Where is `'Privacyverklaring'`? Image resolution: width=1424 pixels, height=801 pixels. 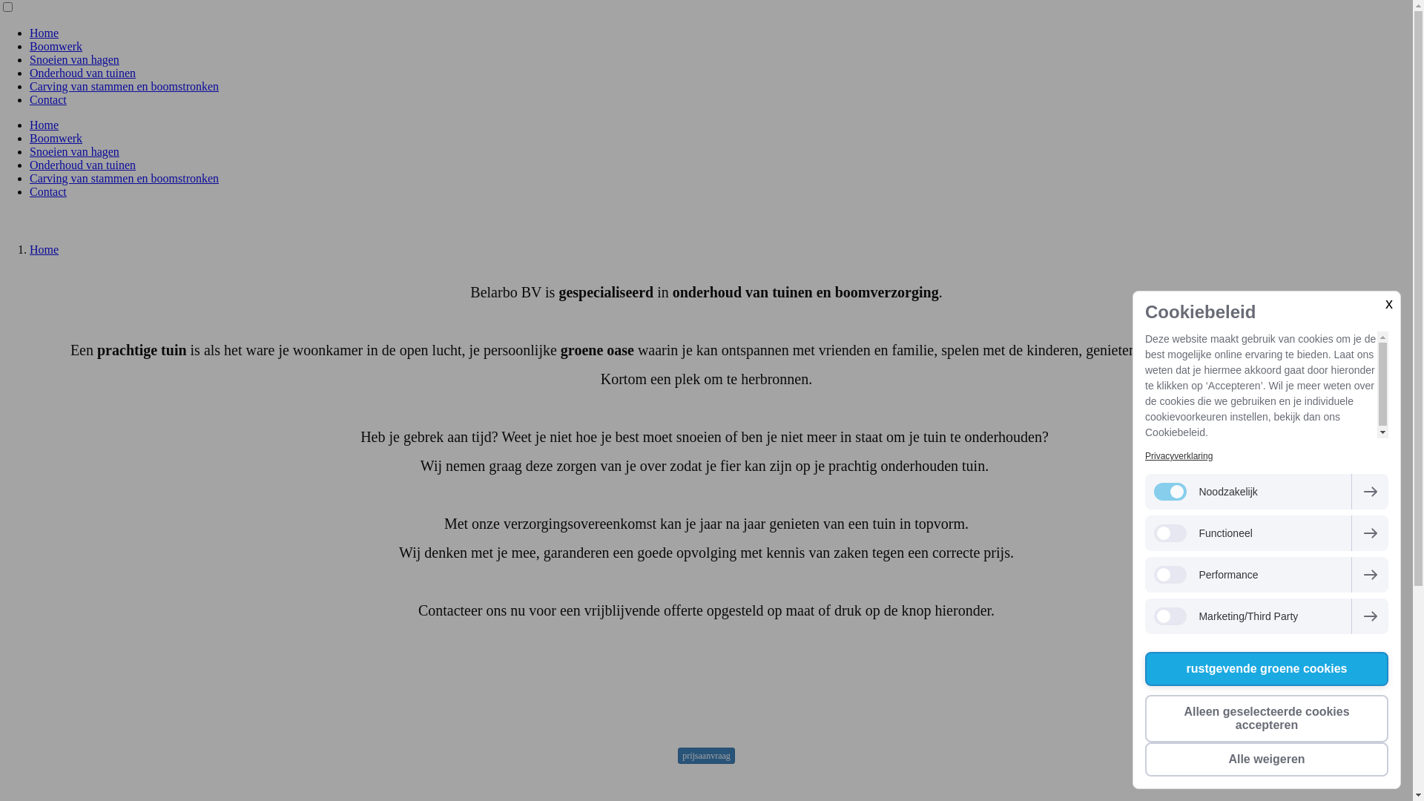 'Privacyverklaring' is located at coordinates (1178, 455).